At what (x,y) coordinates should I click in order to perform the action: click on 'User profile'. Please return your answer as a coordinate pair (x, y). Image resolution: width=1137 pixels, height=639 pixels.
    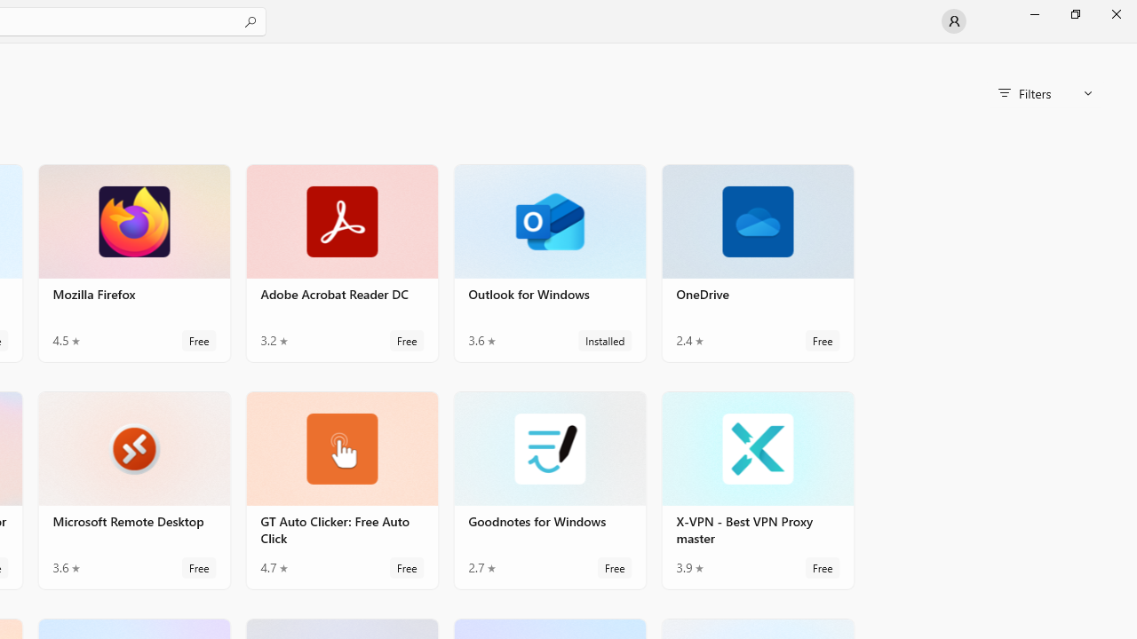
    Looking at the image, I should click on (952, 21).